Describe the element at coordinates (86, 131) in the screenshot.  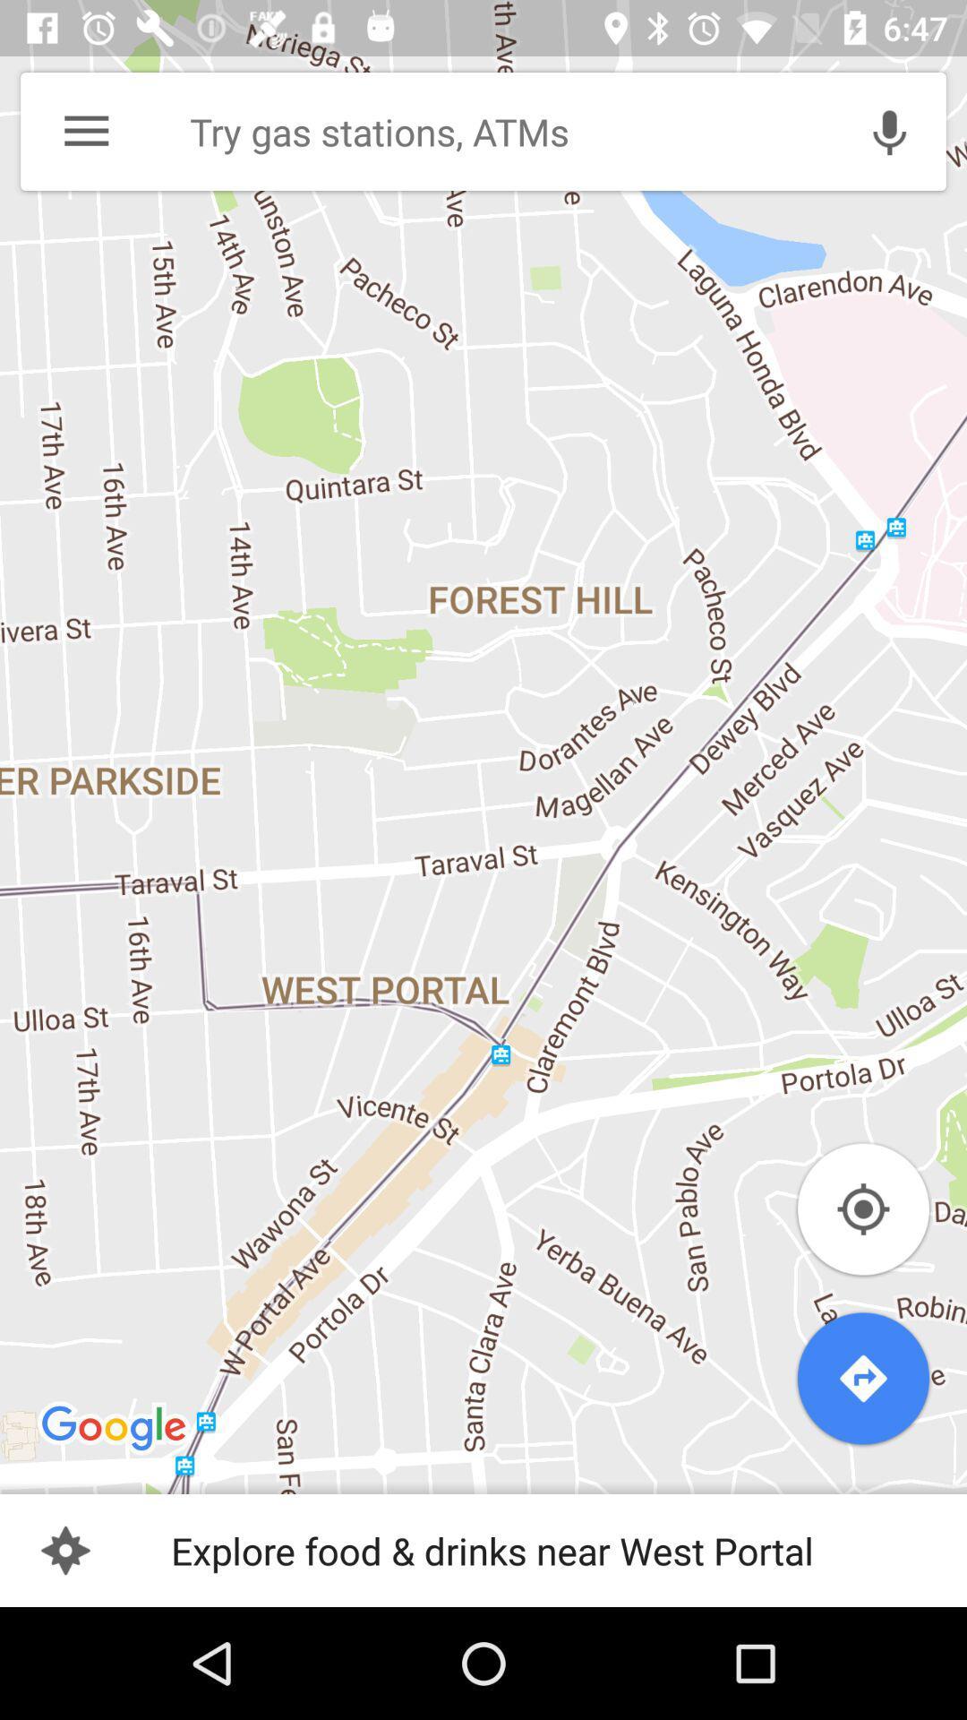
I see `the horizontal lines beside try` at that location.